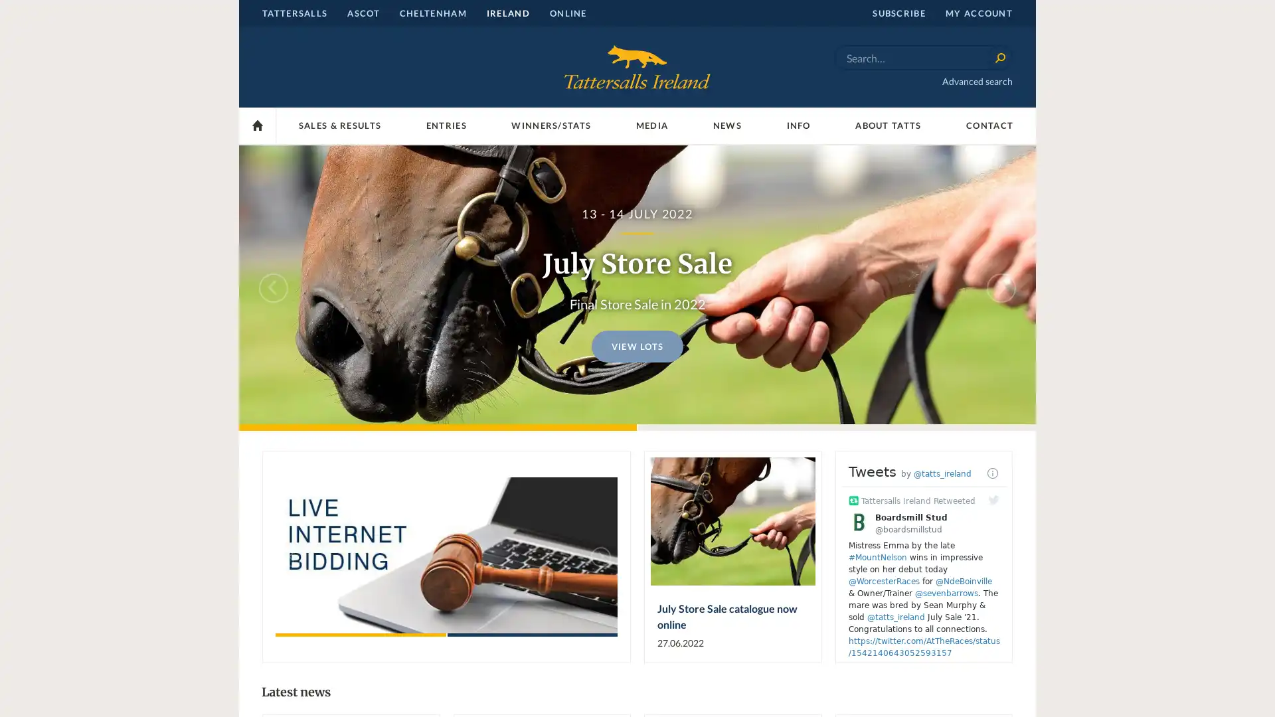  What do you see at coordinates (292, 556) in the screenshot?
I see `Previous` at bounding box center [292, 556].